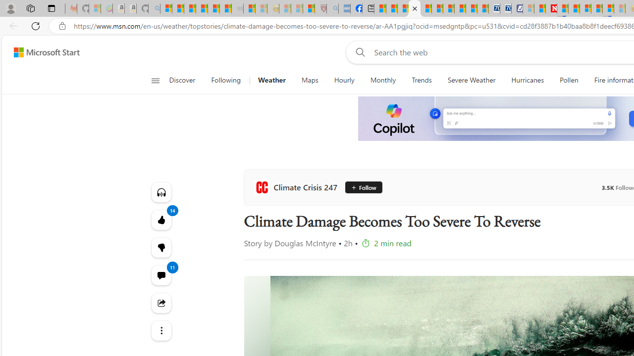 The width and height of the screenshot is (634, 356). I want to click on 'Monthly', so click(382, 80).